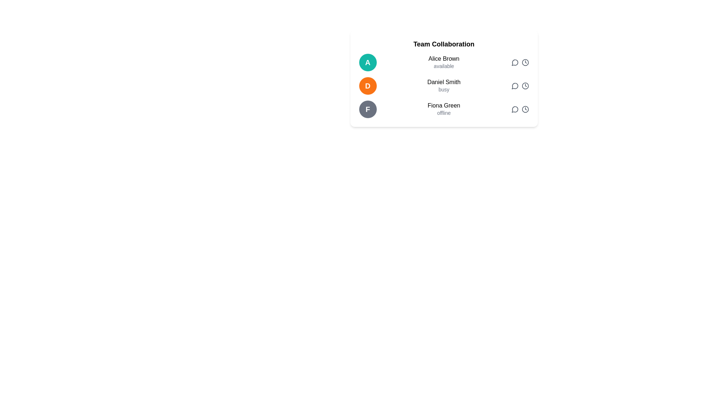  What do you see at coordinates (443, 59) in the screenshot?
I see `the Text Label displaying 'Alice Brown', which serves as the main identifier in the 'Team Collaboration' section, located above the subtext 'available'` at bounding box center [443, 59].